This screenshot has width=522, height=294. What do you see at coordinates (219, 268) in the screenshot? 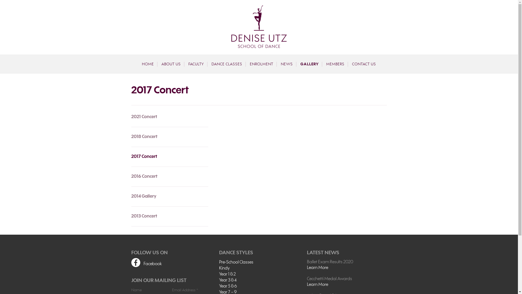
I see `'Kindy'` at bounding box center [219, 268].